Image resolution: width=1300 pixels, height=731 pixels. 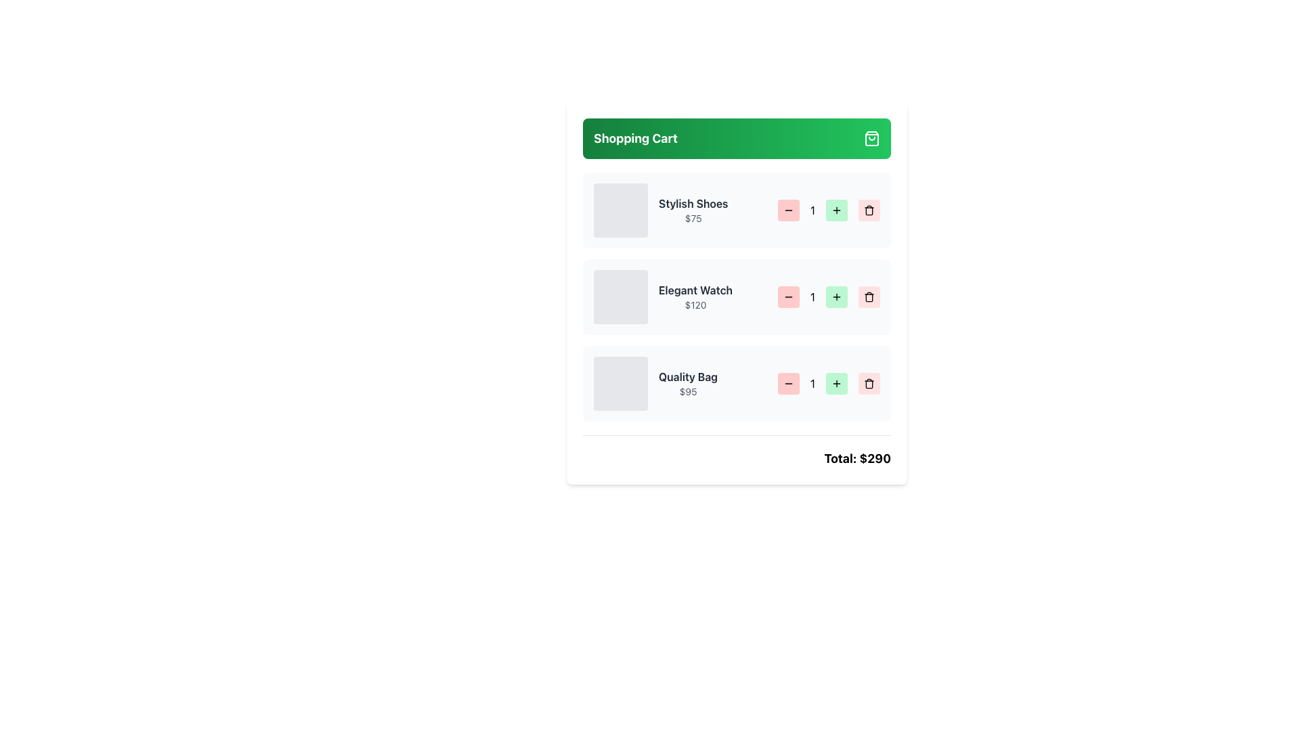 What do you see at coordinates (688, 391) in the screenshot?
I see `the price text label displaying '$95', located below the 'Quality Bag' text in the shopping cart list` at bounding box center [688, 391].